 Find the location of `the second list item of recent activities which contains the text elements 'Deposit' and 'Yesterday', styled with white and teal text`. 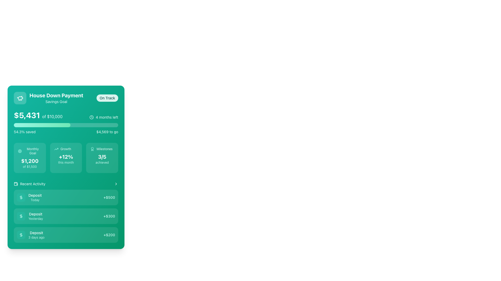

the second list item of recent activities which contains the text elements 'Deposit' and 'Yesterday', styled with white and teal text is located at coordinates (29, 216).